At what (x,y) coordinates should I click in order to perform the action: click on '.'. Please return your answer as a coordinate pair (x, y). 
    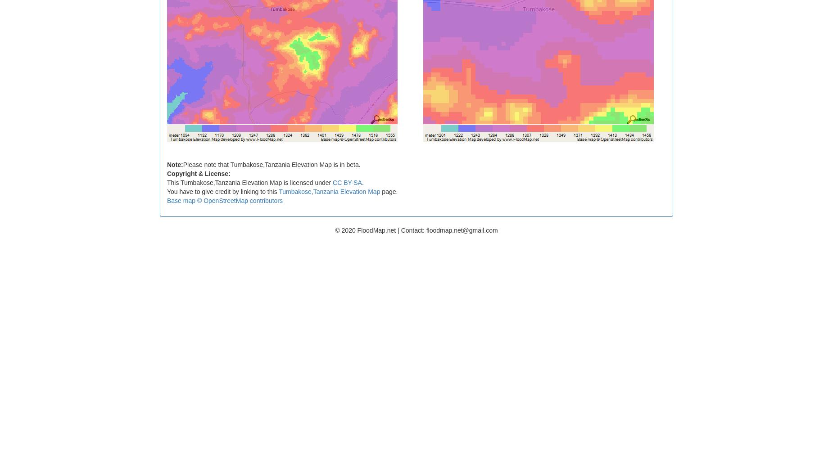
    Looking at the image, I should click on (362, 182).